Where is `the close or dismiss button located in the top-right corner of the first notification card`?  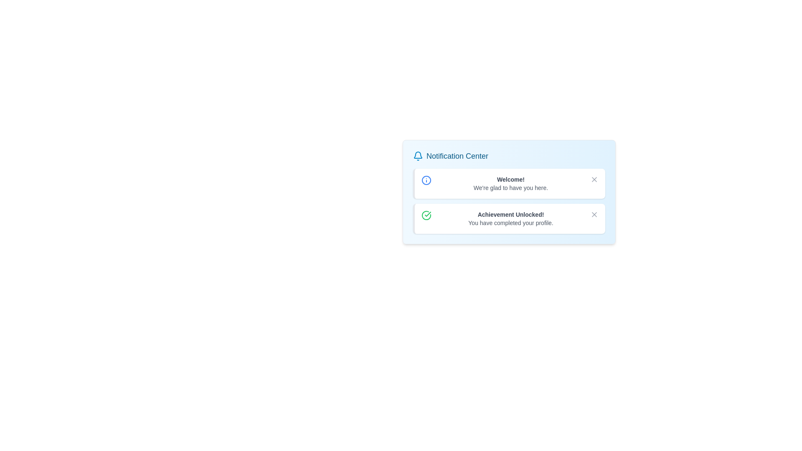 the close or dismiss button located in the top-right corner of the first notification card is located at coordinates (594, 179).